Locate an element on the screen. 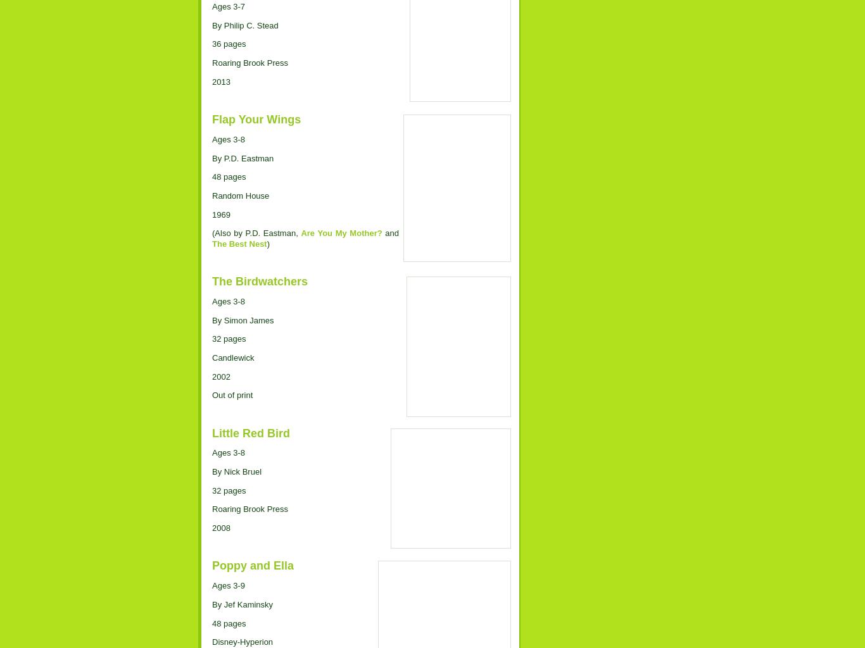 The height and width of the screenshot is (648, 865). 'Random House' is located at coordinates (240, 194).